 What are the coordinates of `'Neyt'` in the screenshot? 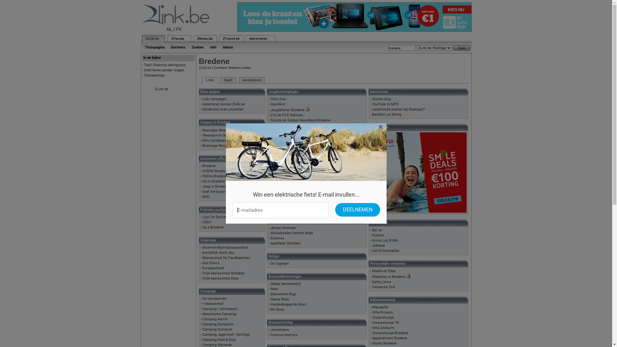 It's located at (270, 289).